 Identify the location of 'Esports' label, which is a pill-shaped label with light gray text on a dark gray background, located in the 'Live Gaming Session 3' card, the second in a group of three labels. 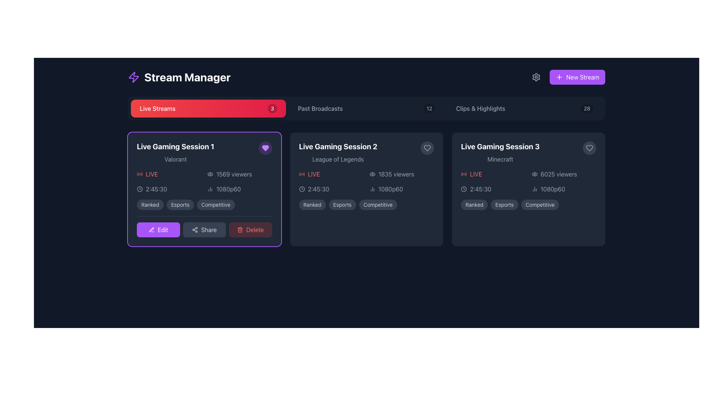
(504, 204).